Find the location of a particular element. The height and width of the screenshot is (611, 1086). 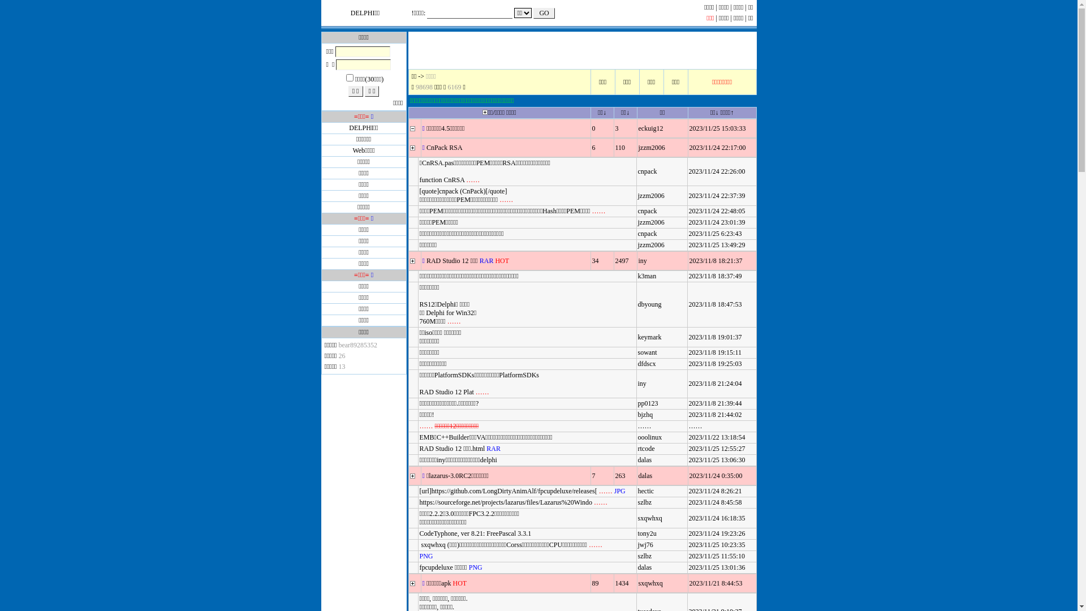

'pp0123' is located at coordinates (648, 403).